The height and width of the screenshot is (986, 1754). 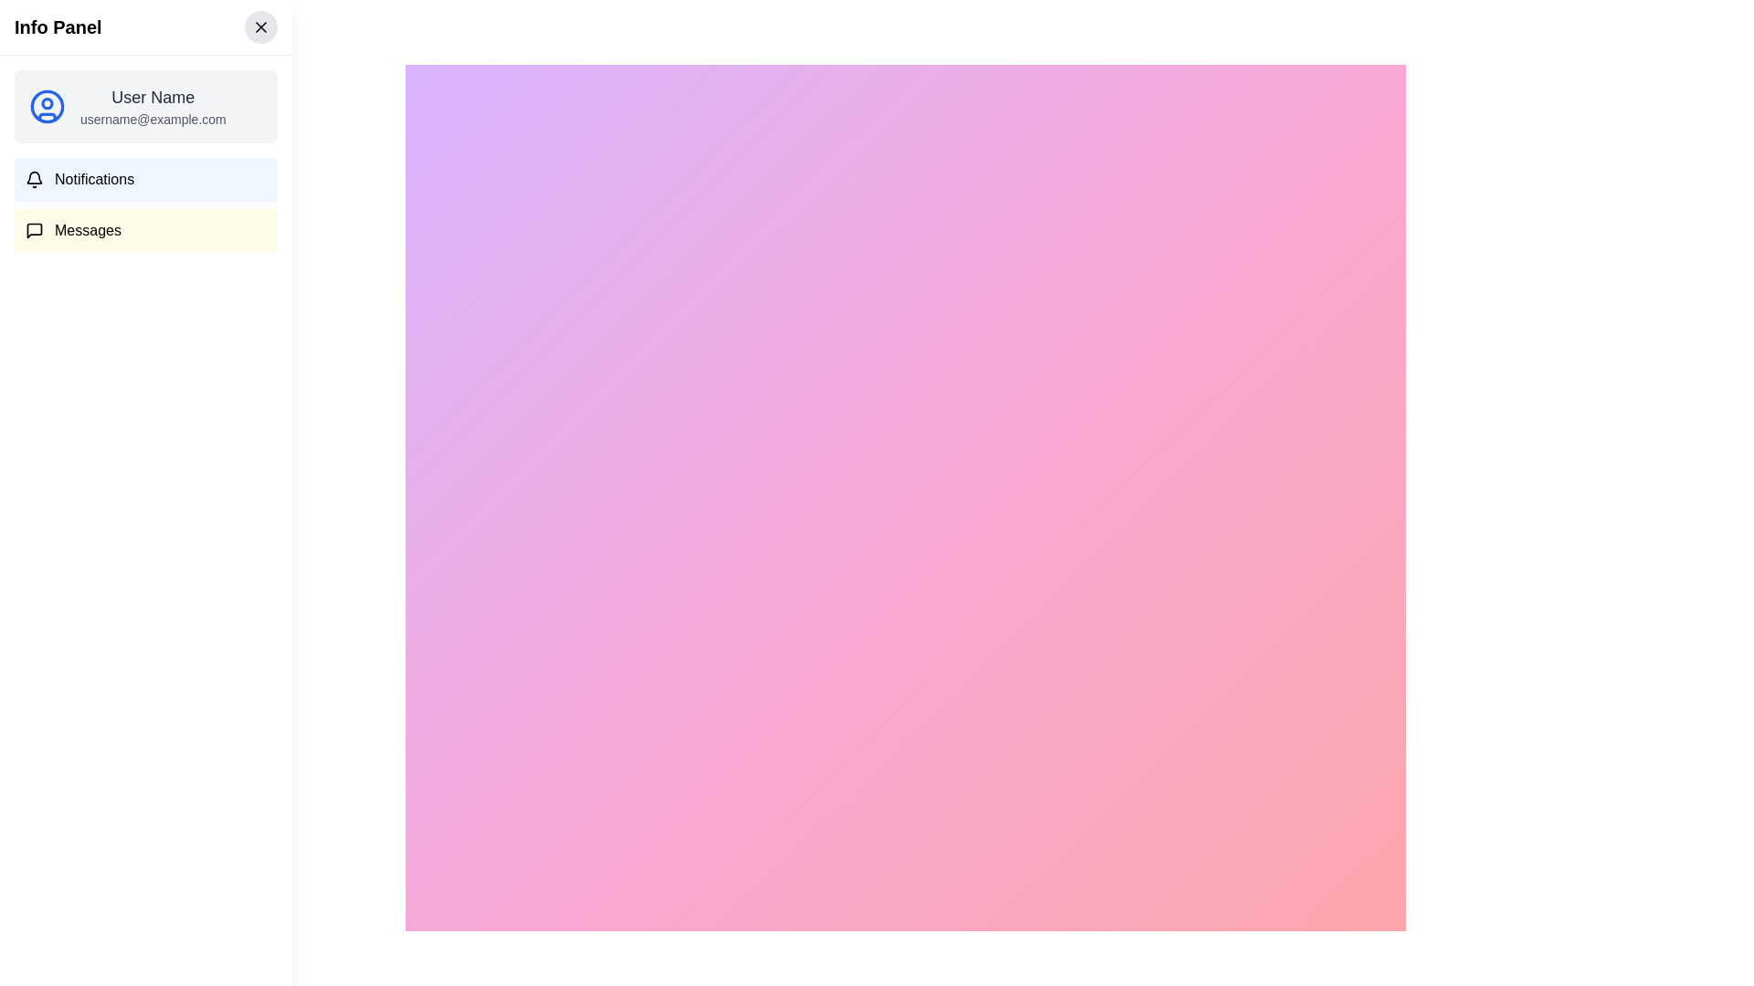 What do you see at coordinates (153, 98) in the screenshot?
I see `the primary label displaying the user's name, located in the top section of the side info panel, to the right of the circular profile icon and above the email address text` at bounding box center [153, 98].